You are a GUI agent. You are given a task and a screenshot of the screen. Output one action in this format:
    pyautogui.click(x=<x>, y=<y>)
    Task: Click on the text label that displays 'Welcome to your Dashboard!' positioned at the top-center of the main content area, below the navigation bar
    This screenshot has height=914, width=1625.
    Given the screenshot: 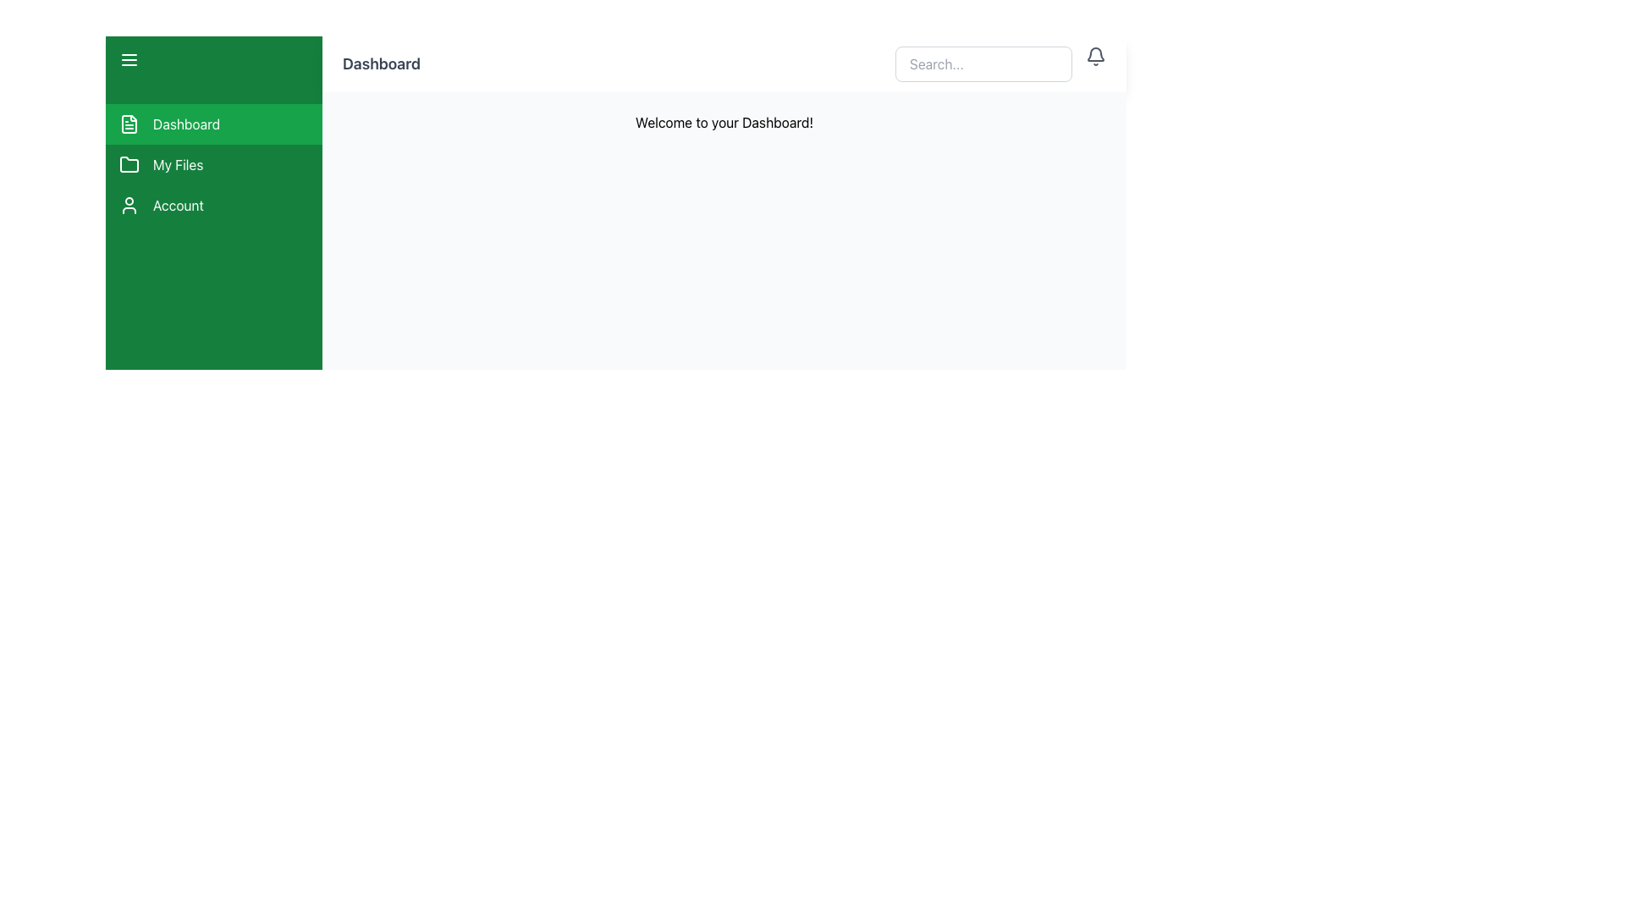 What is the action you would take?
    pyautogui.click(x=724, y=122)
    